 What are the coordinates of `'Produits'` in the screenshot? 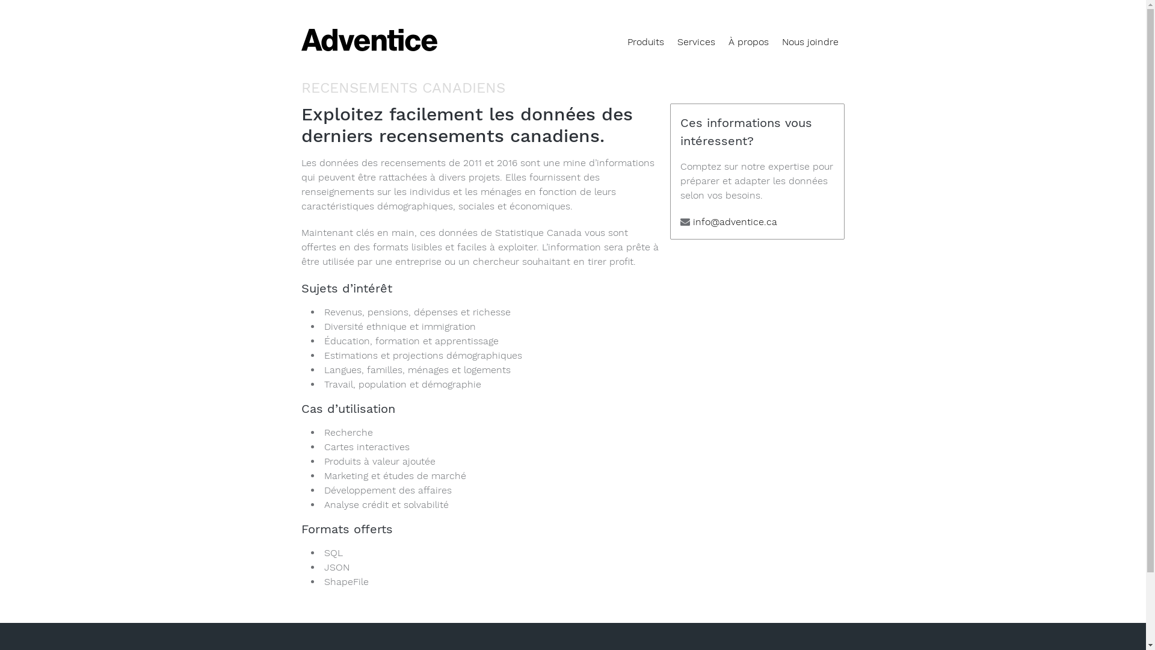 It's located at (645, 41).